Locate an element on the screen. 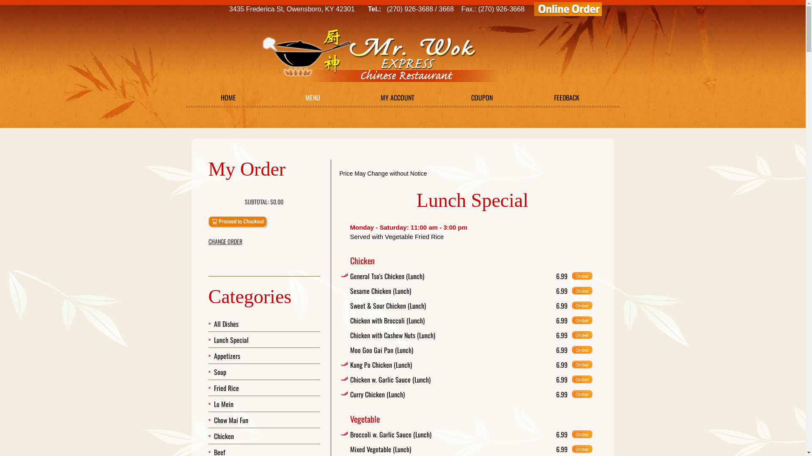 This screenshot has width=812, height=456. 'HOME' is located at coordinates (228, 97).